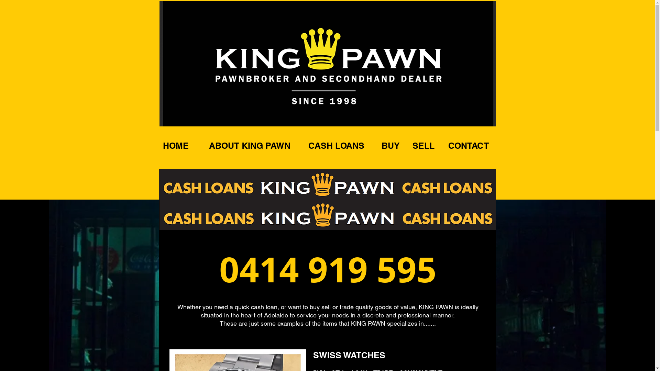 This screenshot has height=371, width=660. I want to click on 'CONTACT', so click(468, 145).